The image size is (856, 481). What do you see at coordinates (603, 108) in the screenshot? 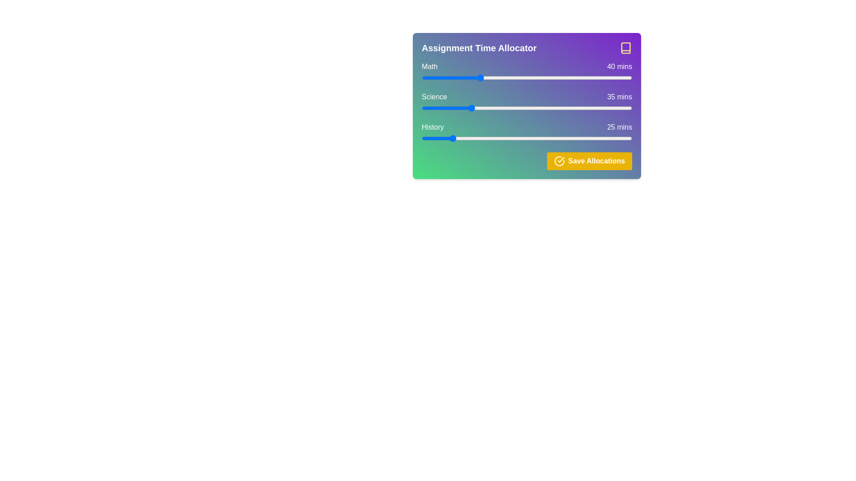
I see `allocation time` at bounding box center [603, 108].